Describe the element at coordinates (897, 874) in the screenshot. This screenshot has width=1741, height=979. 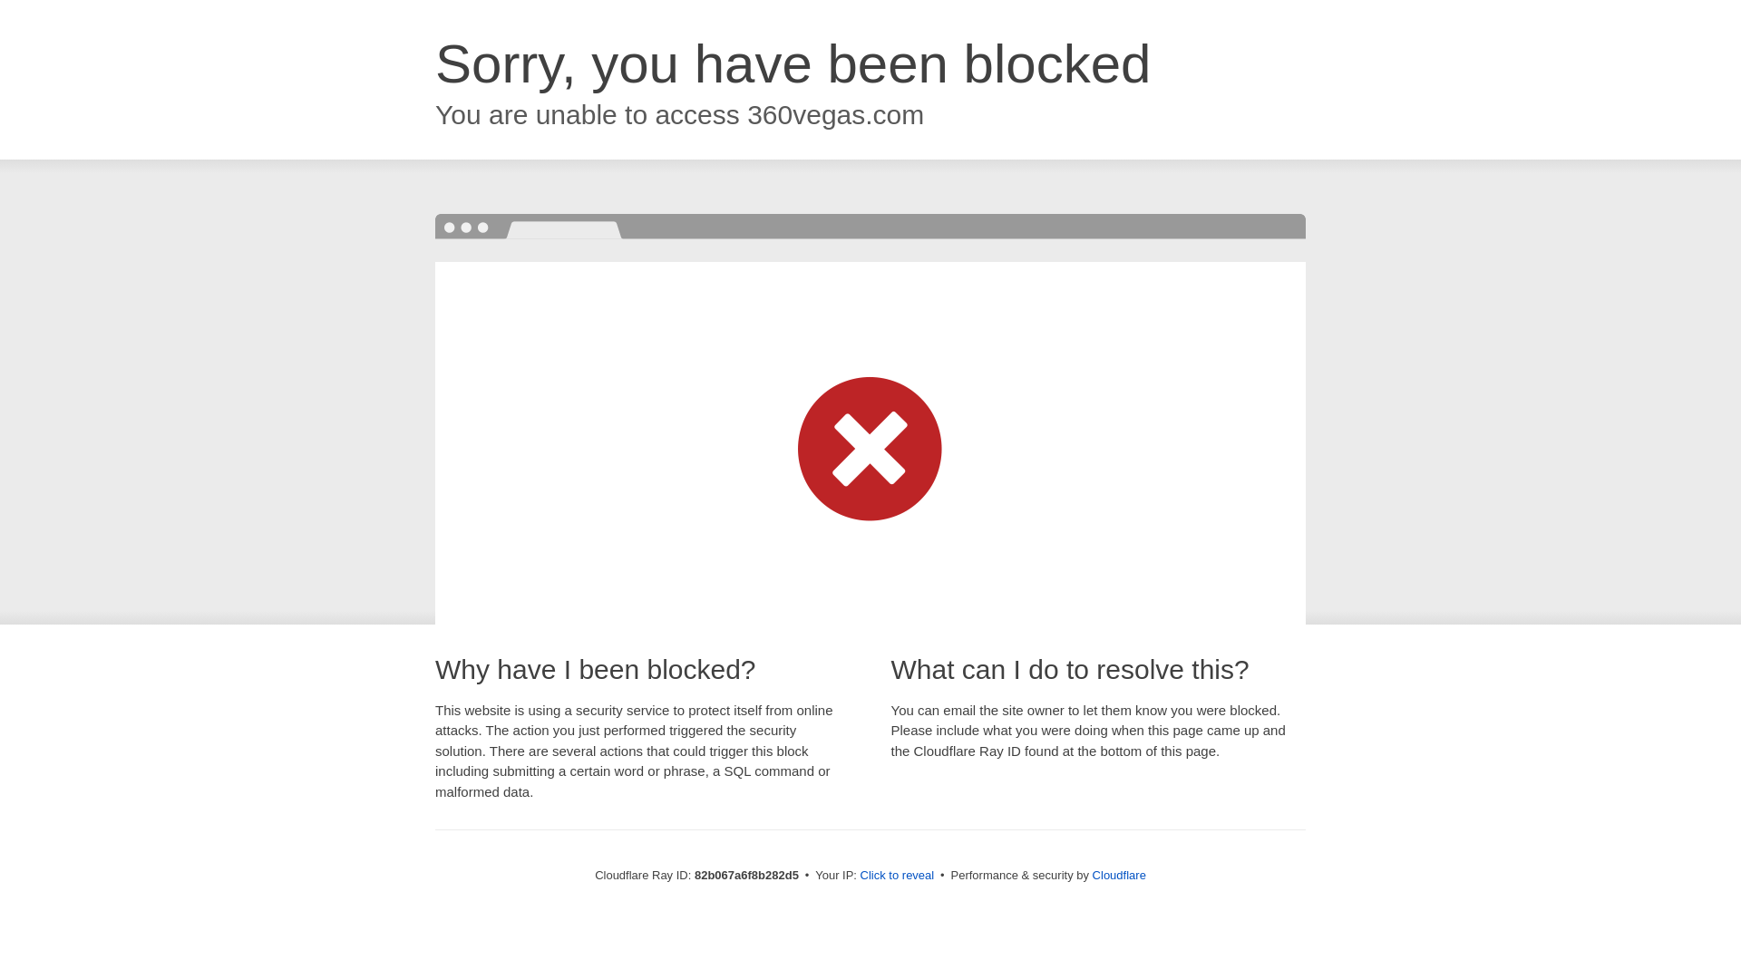
I see `'Click to reveal'` at that location.